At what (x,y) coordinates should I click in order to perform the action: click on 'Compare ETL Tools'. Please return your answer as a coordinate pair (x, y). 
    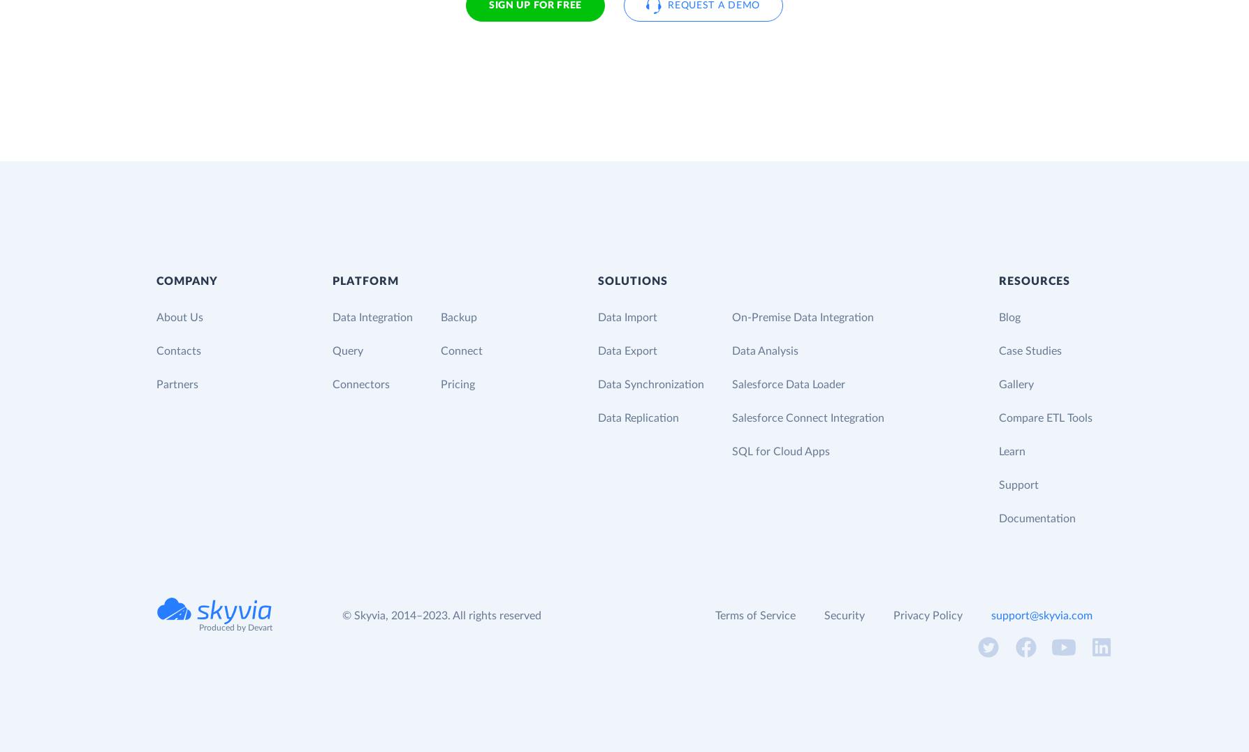
    Looking at the image, I should click on (1045, 416).